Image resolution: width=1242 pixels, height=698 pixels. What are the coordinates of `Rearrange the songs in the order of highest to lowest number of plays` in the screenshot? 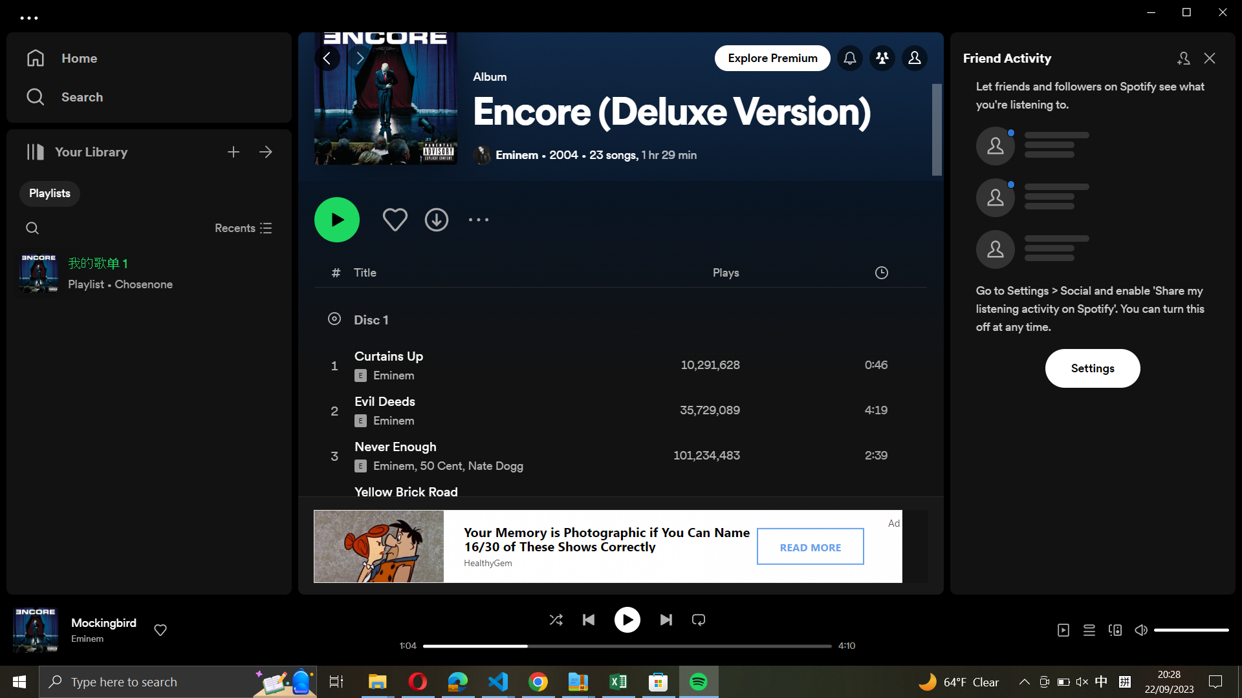 It's located at (775, 274).